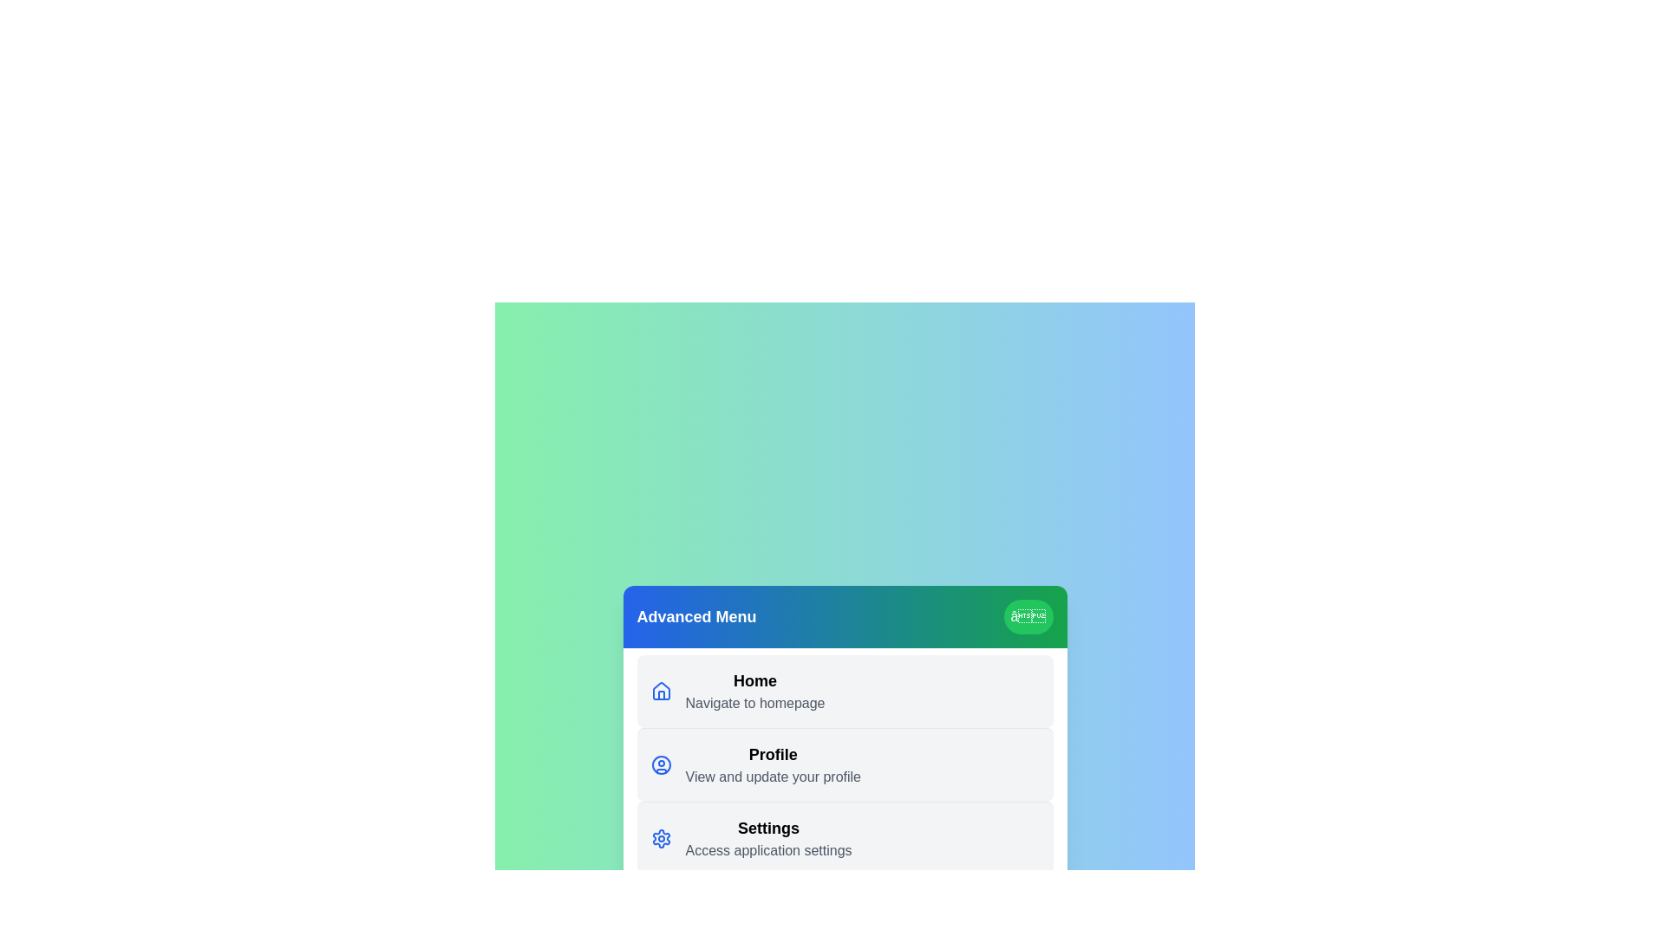 The width and height of the screenshot is (1665, 936). I want to click on the menu item Home from the list, so click(845, 690).